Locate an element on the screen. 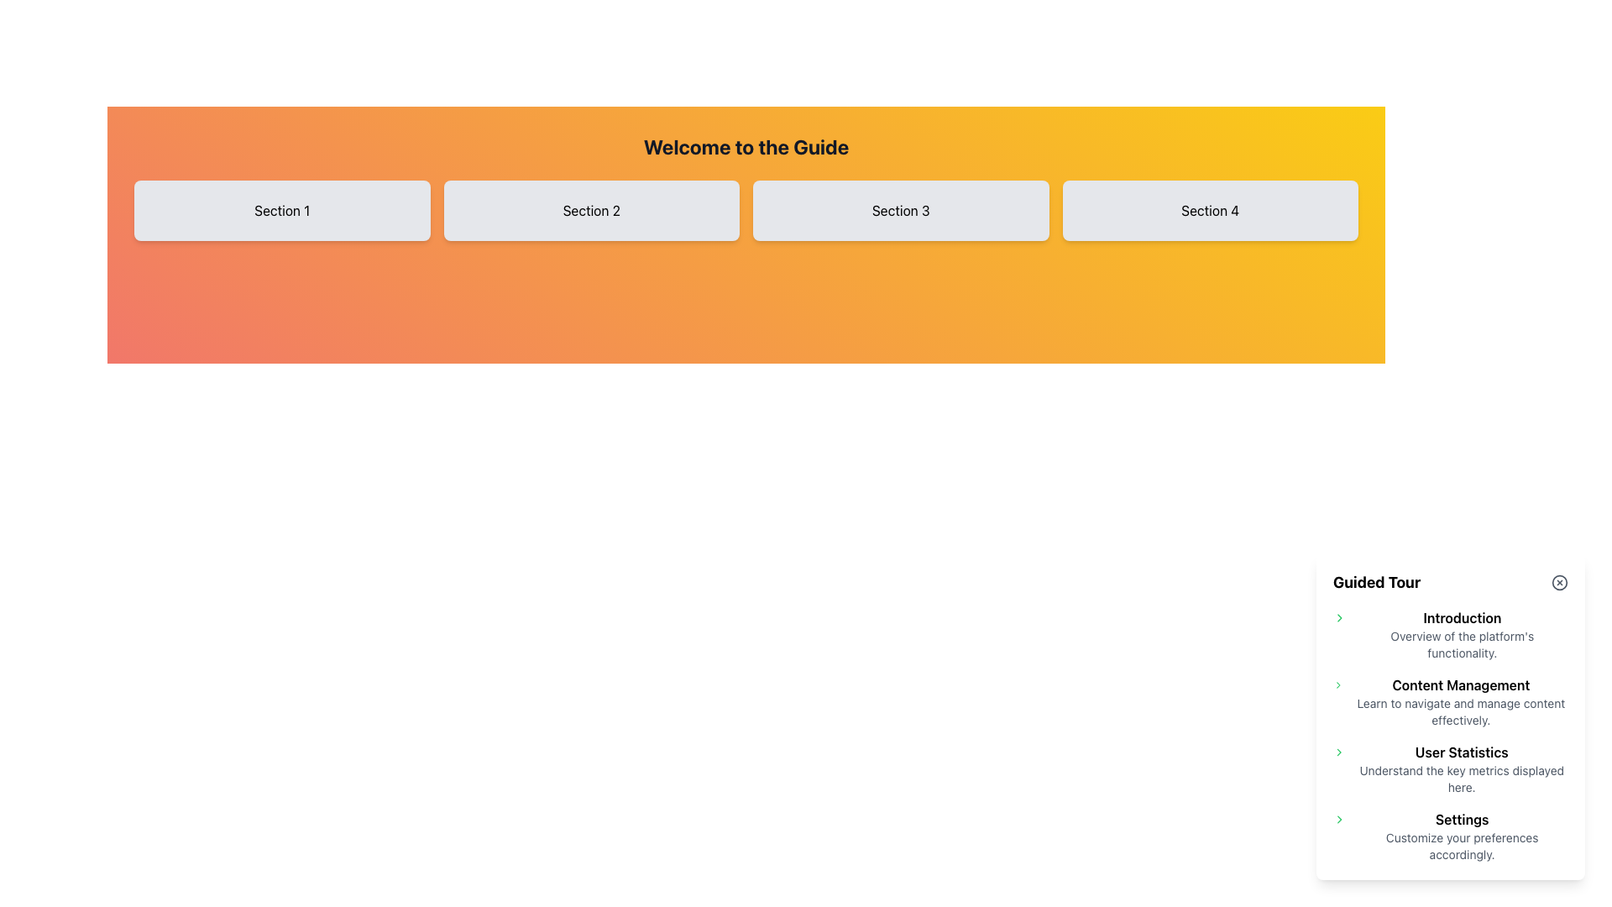 This screenshot has height=907, width=1612. the interactive button located in the fourth position of the group under the title 'Welcome to the Guide' is located at coordinates (1210, 209).